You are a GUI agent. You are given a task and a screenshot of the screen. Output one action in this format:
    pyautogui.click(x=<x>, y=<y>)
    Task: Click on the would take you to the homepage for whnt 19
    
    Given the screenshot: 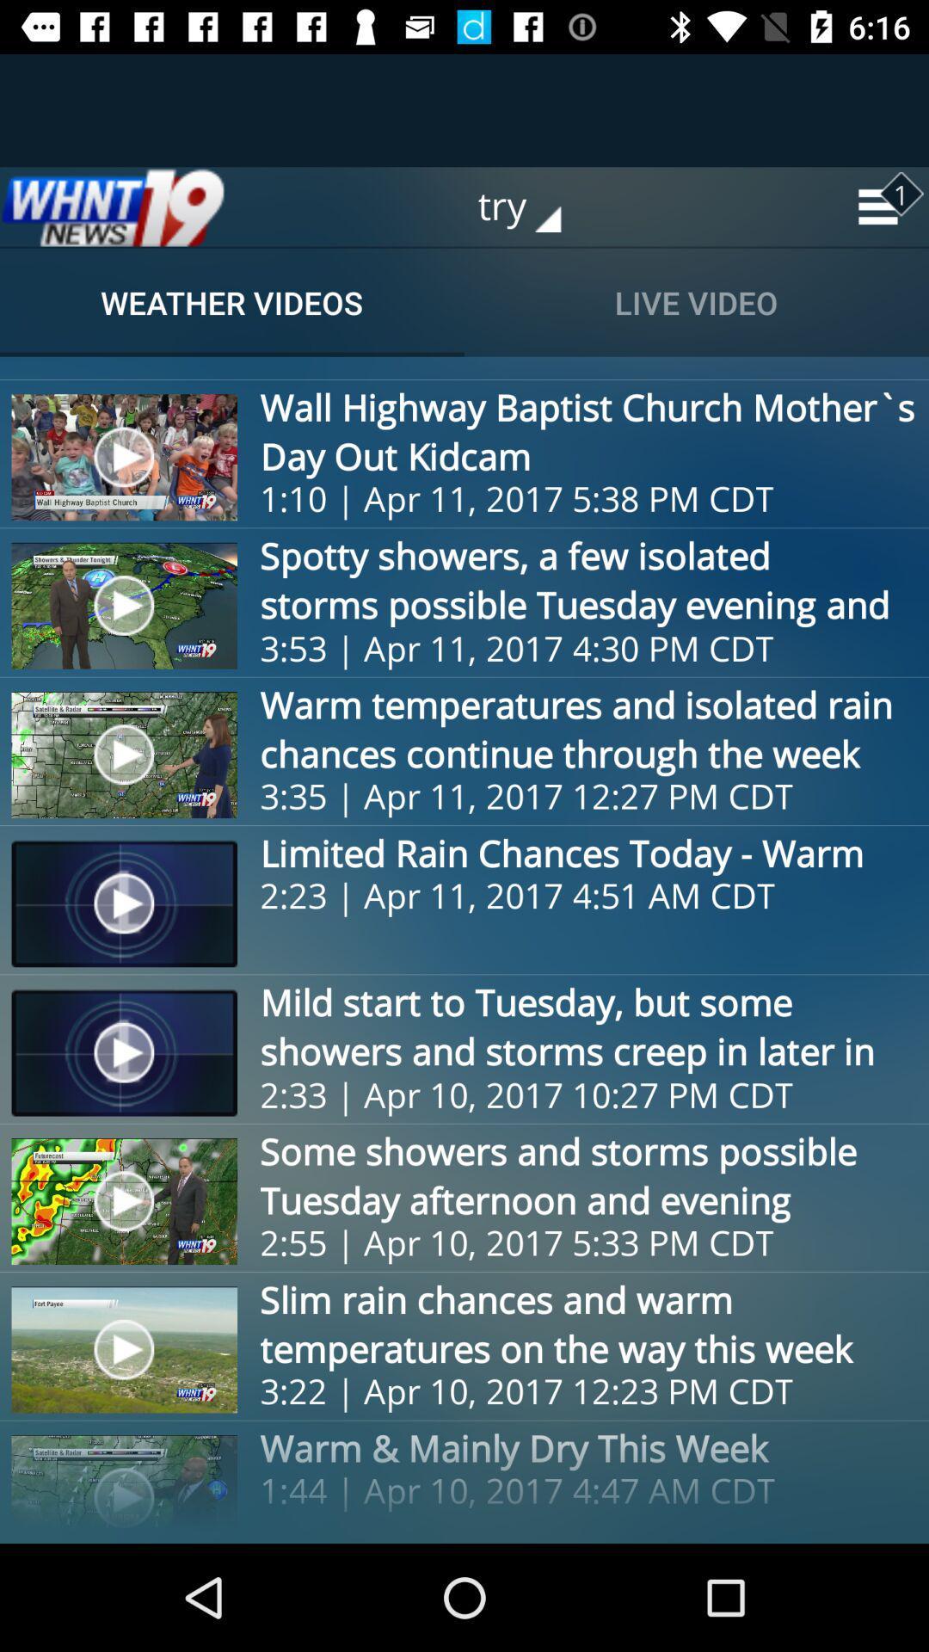 What is the action you would take?
    pyautogui.click(x=113, y=206)
    